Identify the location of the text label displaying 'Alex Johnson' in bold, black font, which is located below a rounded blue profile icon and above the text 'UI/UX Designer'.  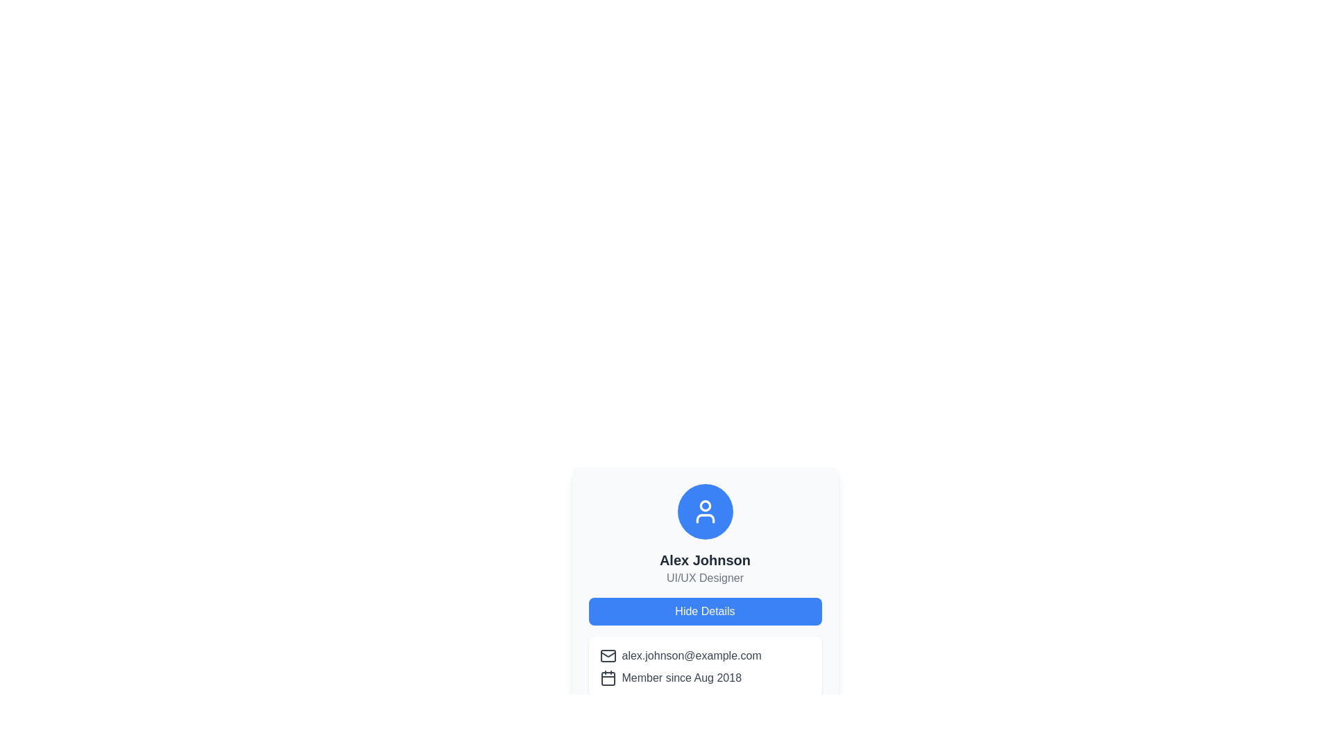
(705, 559).